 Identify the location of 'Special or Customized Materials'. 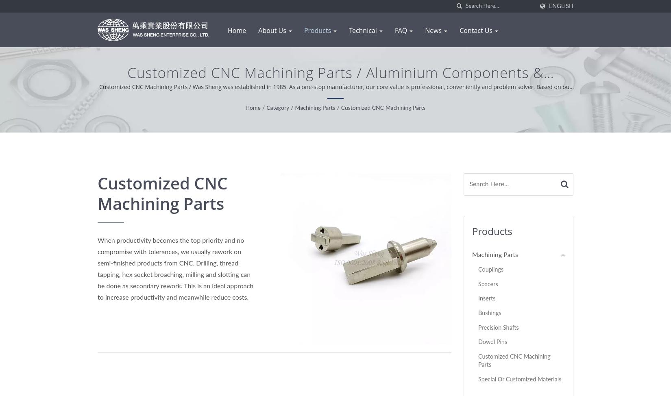
(519, 379).